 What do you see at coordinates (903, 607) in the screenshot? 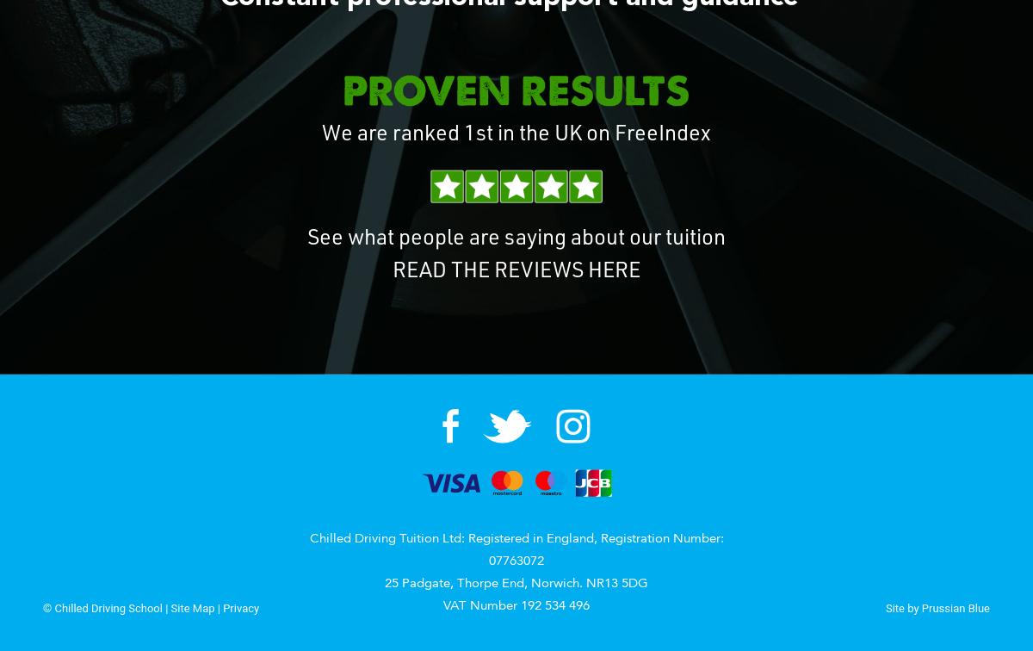
I see `'Site by'` at bounding box center [903, 607].